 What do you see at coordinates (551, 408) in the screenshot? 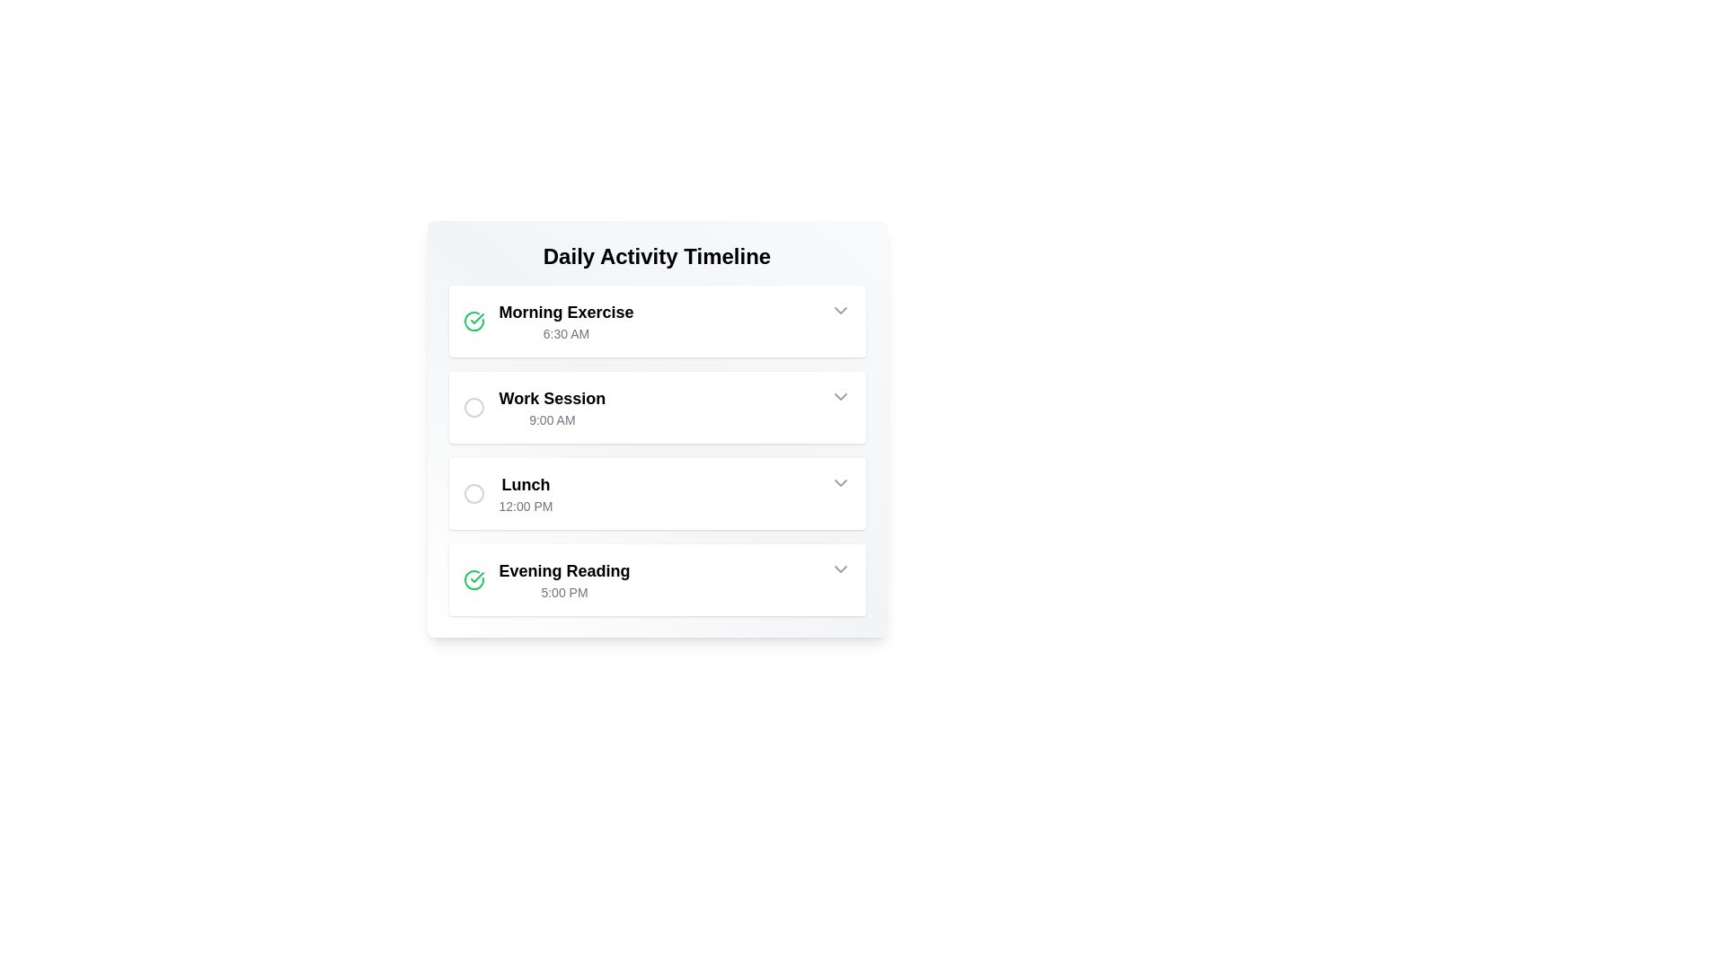
I see `text from the 'Work Session' text block, which features a bold title and a smaller timestamp below it, located in the timeline of activities` at bounding box center [551, 408].